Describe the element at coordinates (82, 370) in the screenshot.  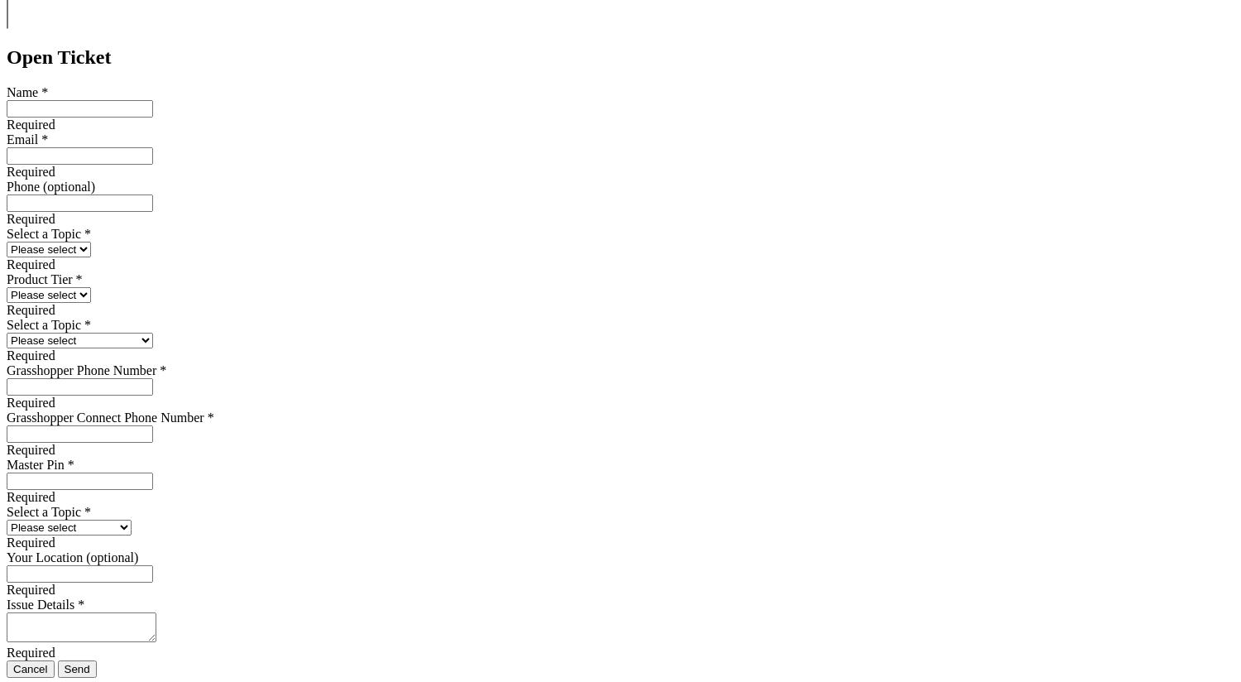
I see `'Grasshopper Phone Number'` at that location.